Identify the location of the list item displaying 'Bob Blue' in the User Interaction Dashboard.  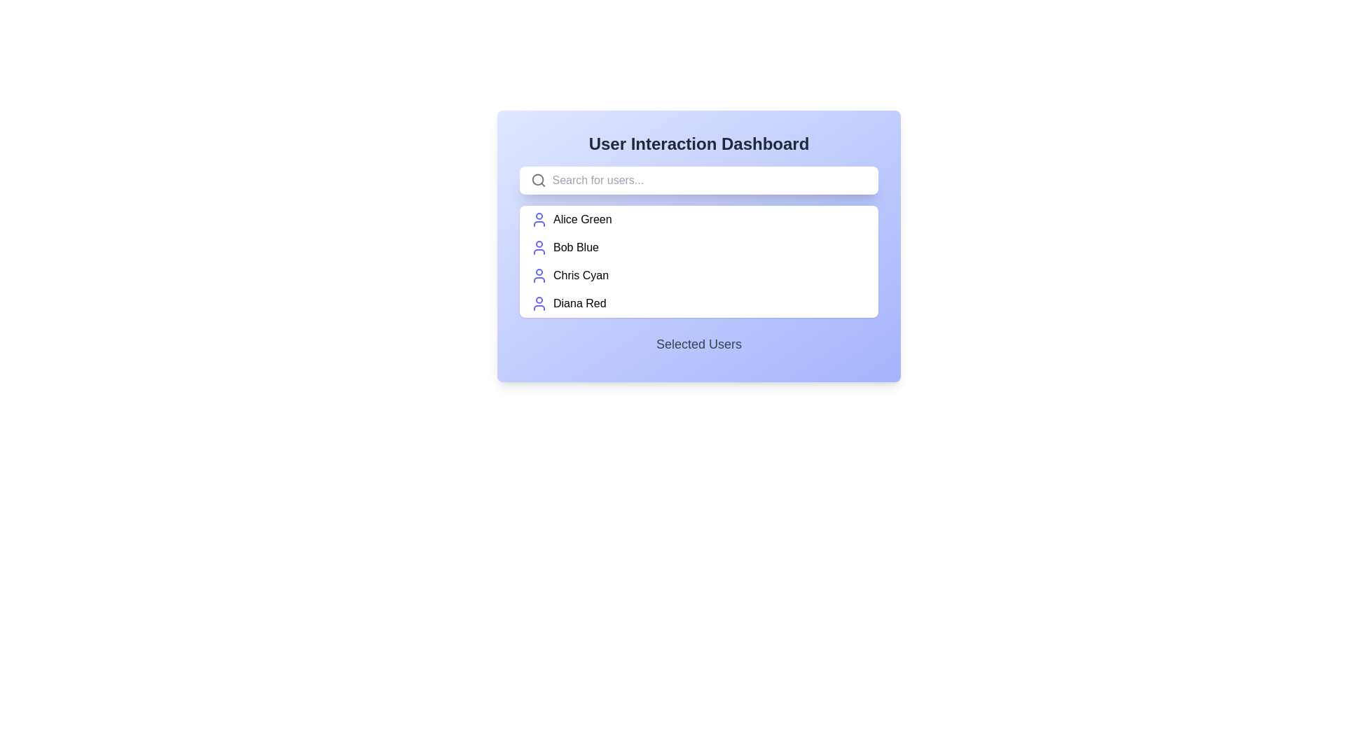
(699, 247).